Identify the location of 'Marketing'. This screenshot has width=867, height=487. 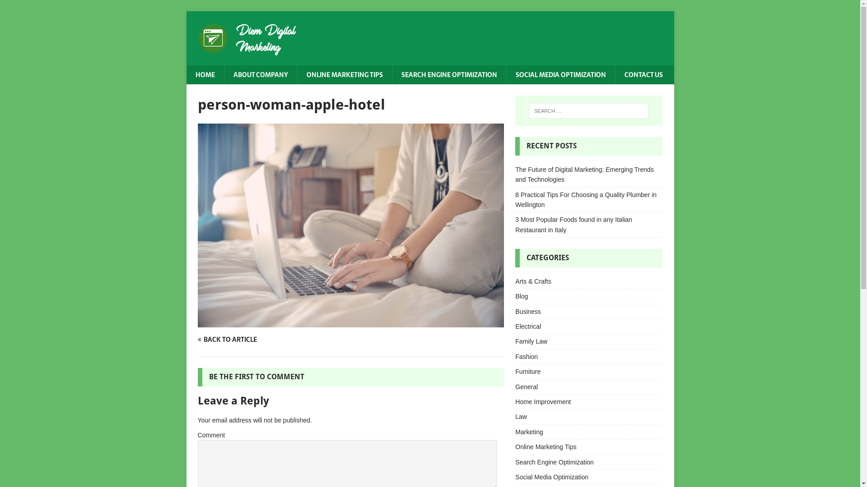
(589, 431).